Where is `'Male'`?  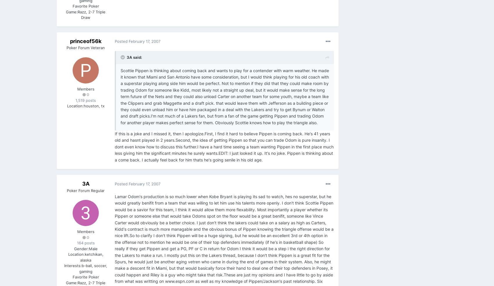
'Male' is located at coordinates (88, 248).